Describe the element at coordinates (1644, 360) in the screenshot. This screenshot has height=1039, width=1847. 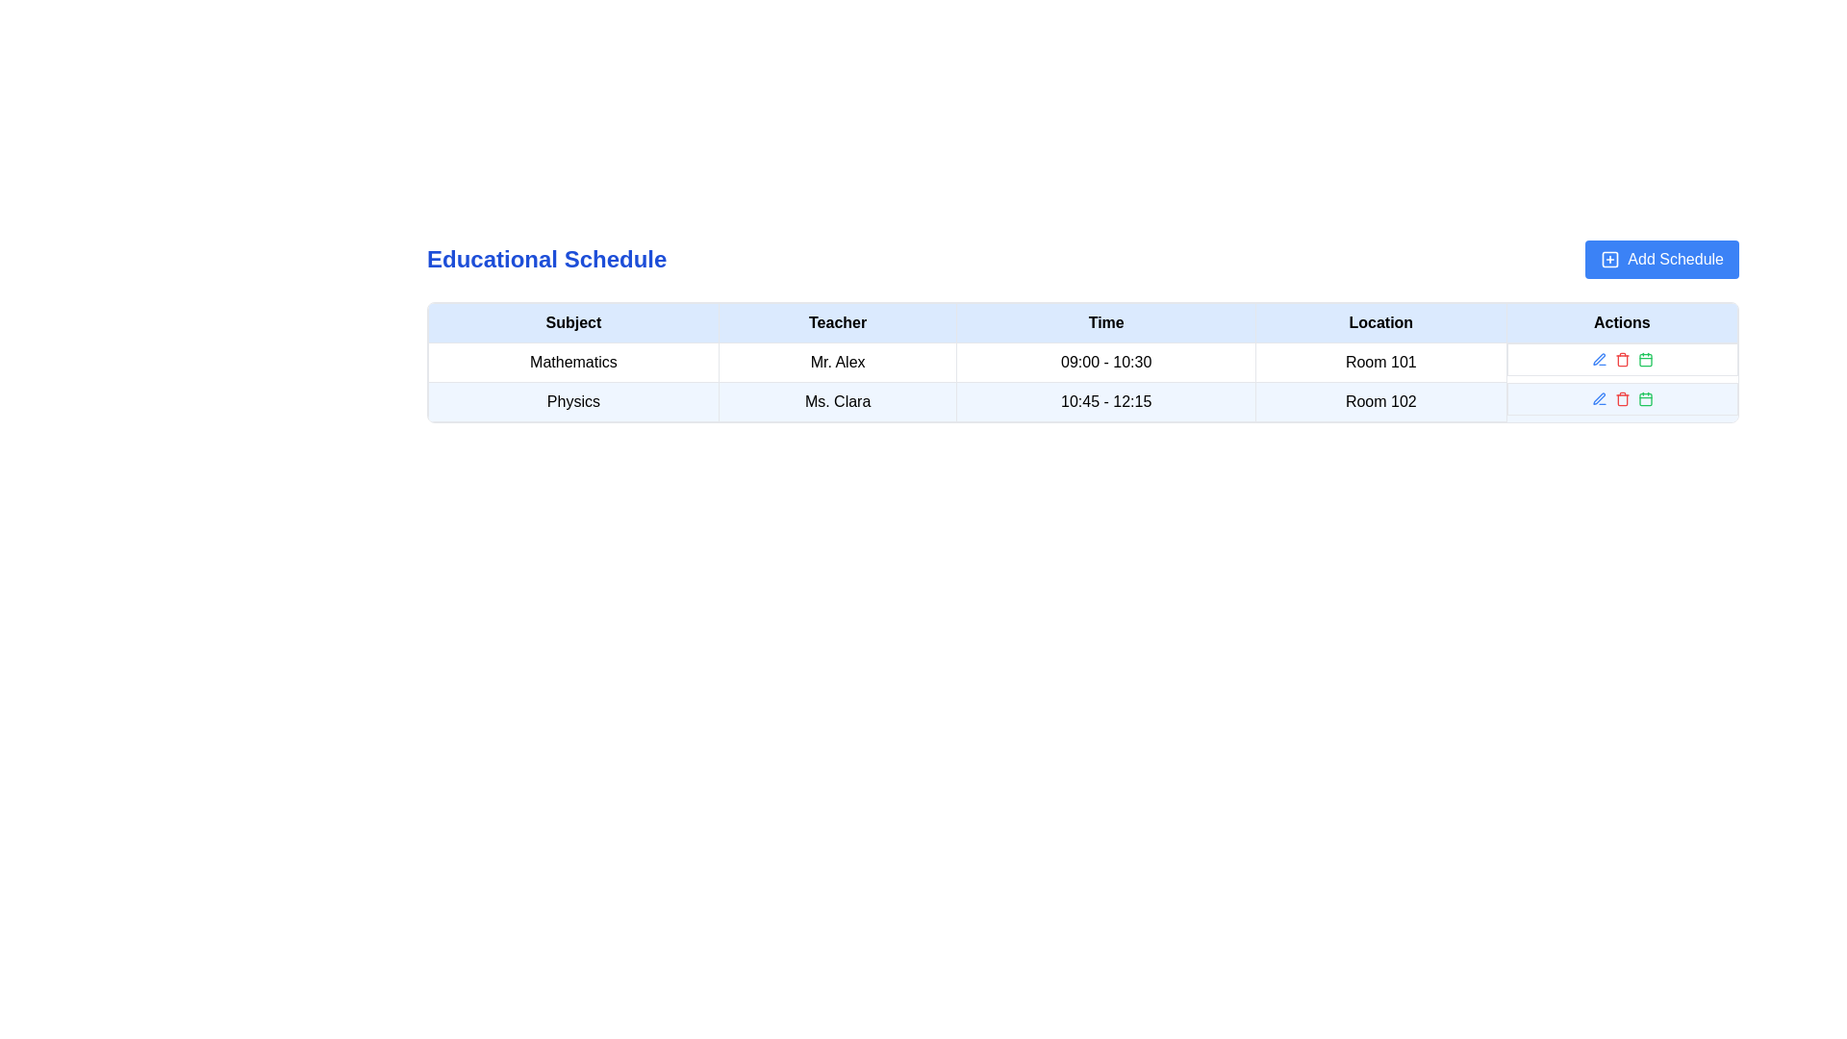
I see `the green calendar icon located in the 'Actions' column of the Physics row in the table for more information` at that location.